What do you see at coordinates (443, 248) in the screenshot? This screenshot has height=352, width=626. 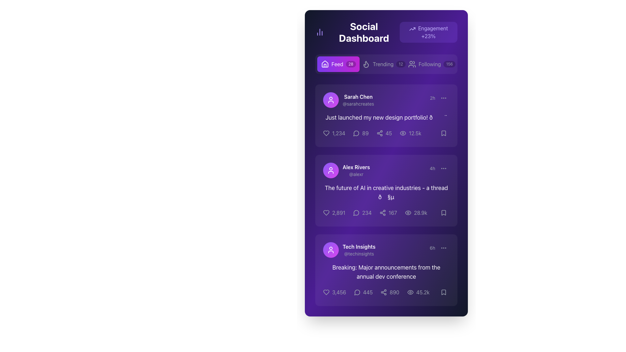 I see `the ellipsis icon button located at the top-right corner of the bottom-most post in the vertical feed` at bounding box center [443, 248].